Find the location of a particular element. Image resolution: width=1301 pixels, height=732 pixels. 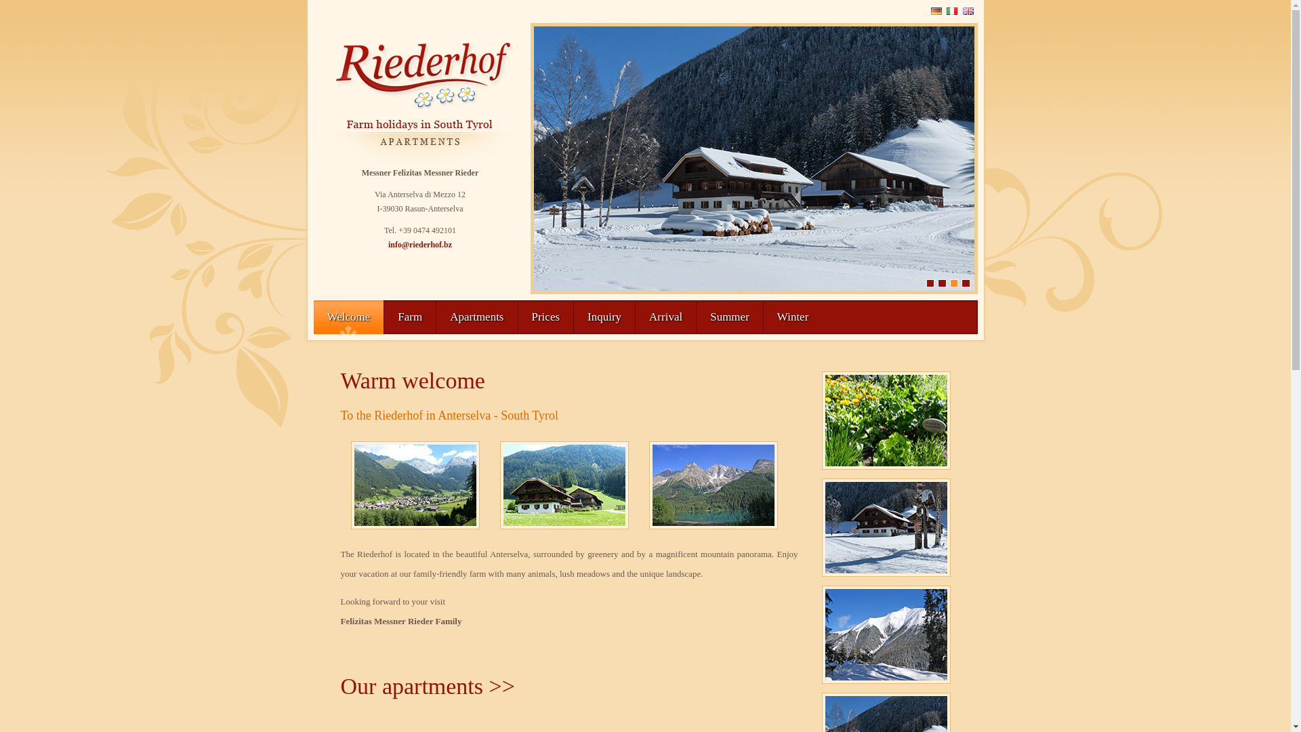

'Prices' is located at coordinates (516, 317).